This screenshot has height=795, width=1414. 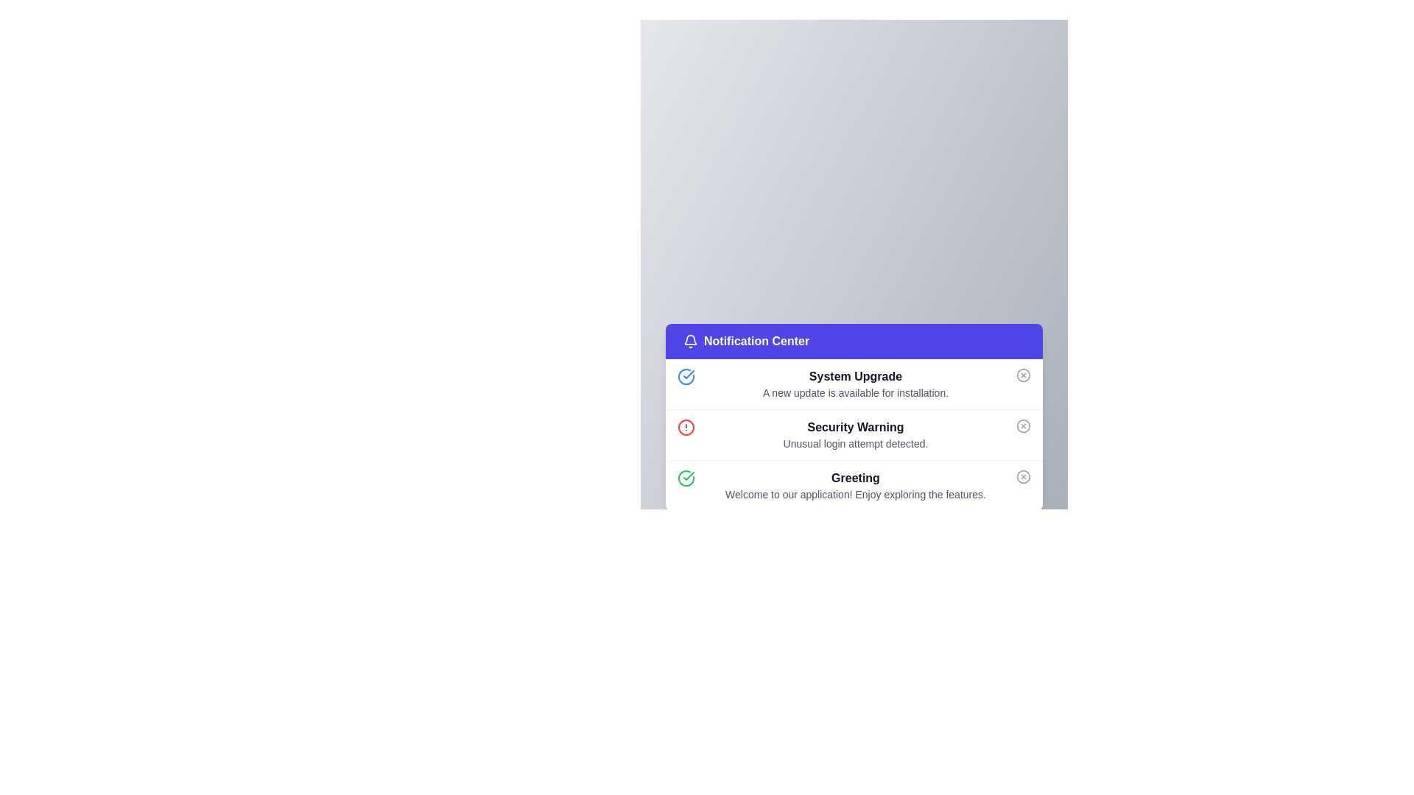 I want to click on the static text element that informs the user about a system update, located below the 'System Upgrade' heading in the notification item, so click(x=855, y=392).